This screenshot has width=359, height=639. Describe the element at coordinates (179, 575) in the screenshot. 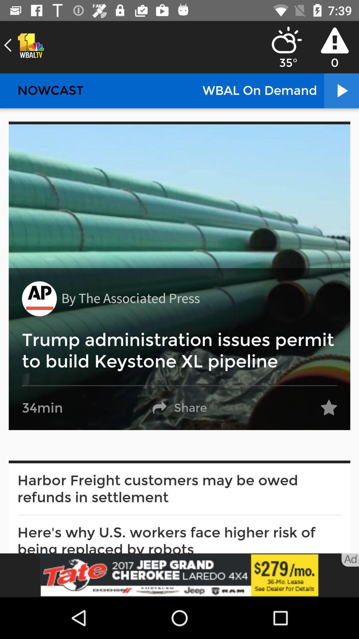

I see `tate advertisement` at that location.